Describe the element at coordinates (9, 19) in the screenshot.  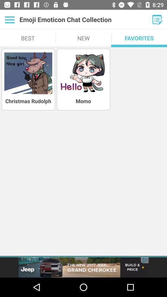
I see `open menu` at that location.